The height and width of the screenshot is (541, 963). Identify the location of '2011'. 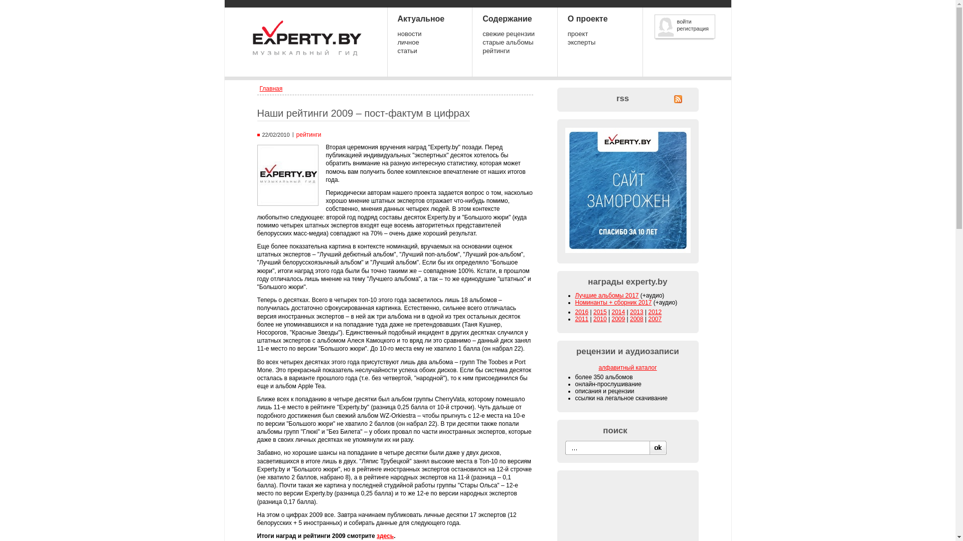
(575, 319).